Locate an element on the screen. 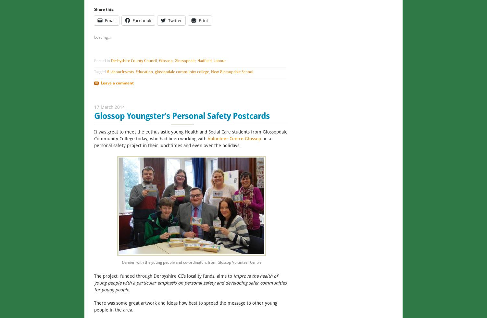 This screenshot has width=487, height=318. 'Hadfield' is located at coordinates (205, 60).